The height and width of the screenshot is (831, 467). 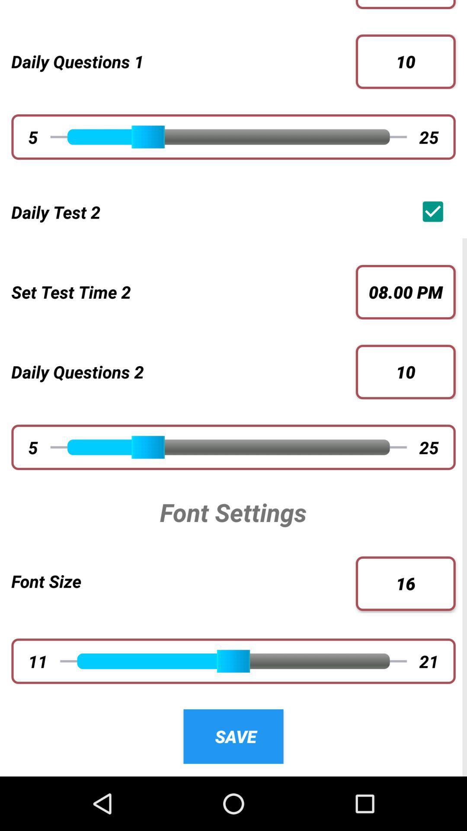 I want to click on the icon to the left of  08.00 pm  item, so click(x=177, y=292).